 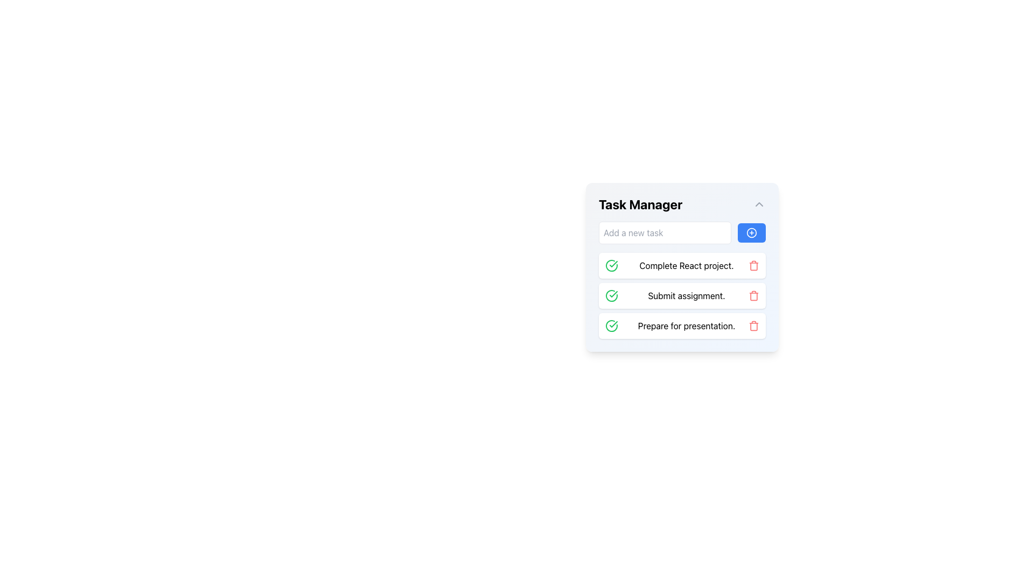 I want to click on the green circular icon with a white checkmark, which indicates a completed task, so click(x=612, y=296).